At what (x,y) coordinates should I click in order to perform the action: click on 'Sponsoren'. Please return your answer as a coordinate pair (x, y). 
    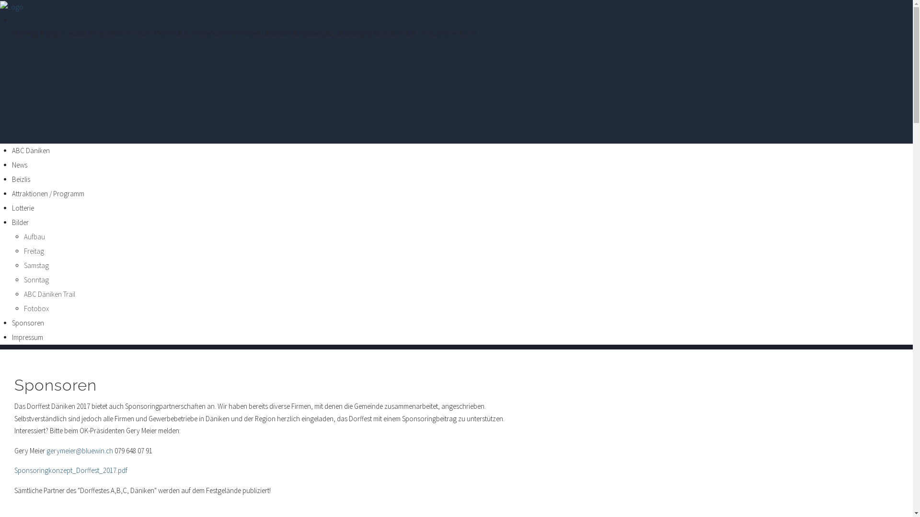
    Looking at the image, I should click on (28, 323).